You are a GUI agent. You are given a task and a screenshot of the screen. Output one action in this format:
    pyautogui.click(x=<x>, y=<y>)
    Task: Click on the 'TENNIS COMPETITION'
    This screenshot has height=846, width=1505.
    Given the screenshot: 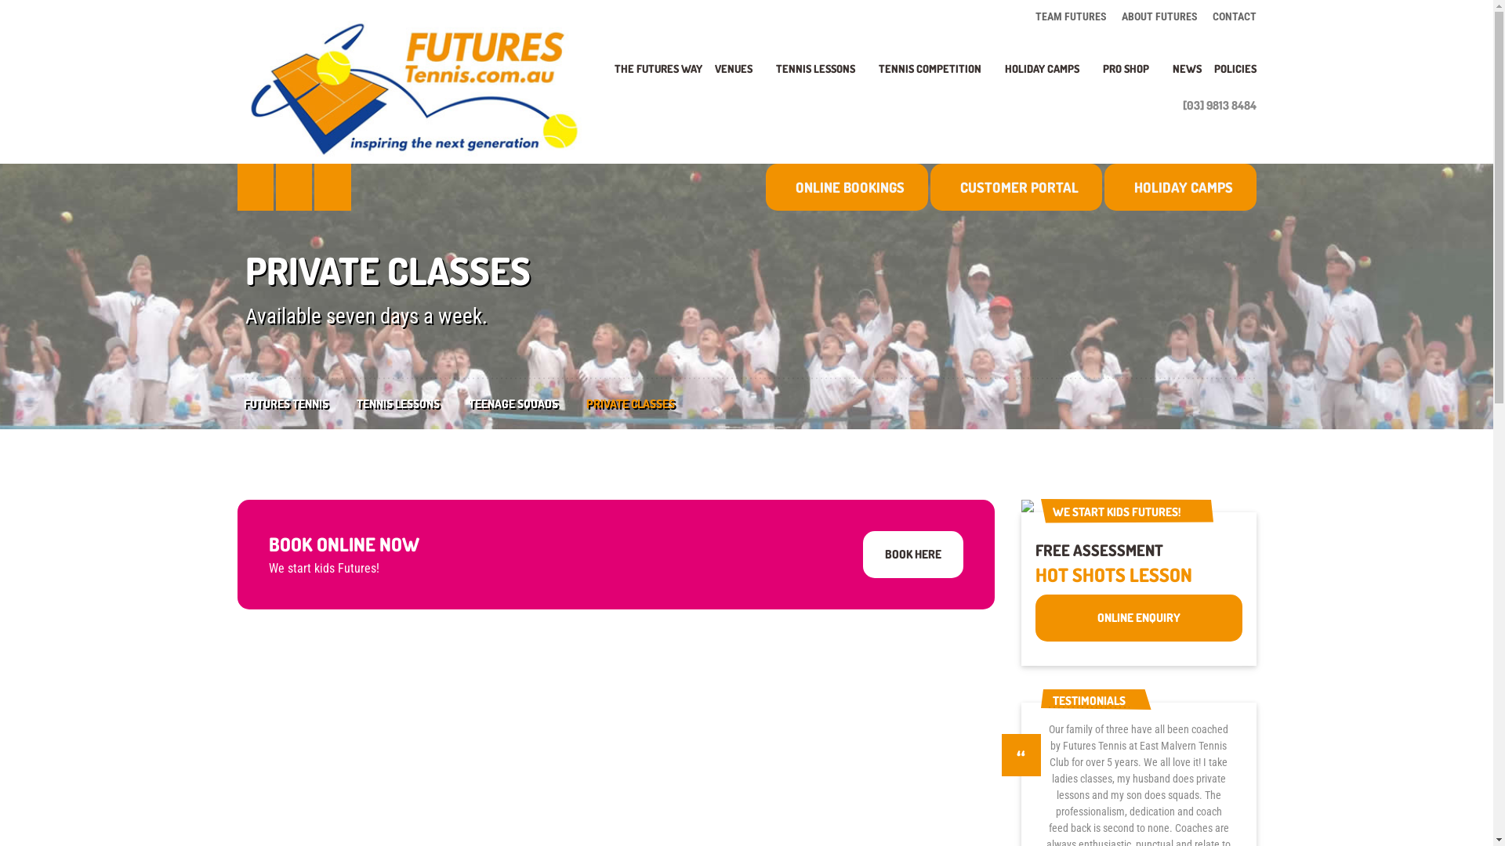 What is the action you would take?
    pyautogui.click(x=872, y=77)
    